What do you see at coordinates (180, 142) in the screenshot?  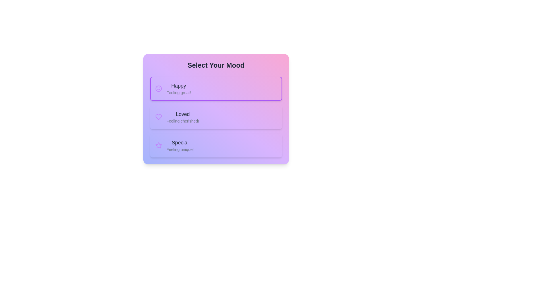 I see `the 'Special' text label which indicates the primary title for the section, located above the descriptive text 'Feeling unique!'` at bounding box center [180, 142].